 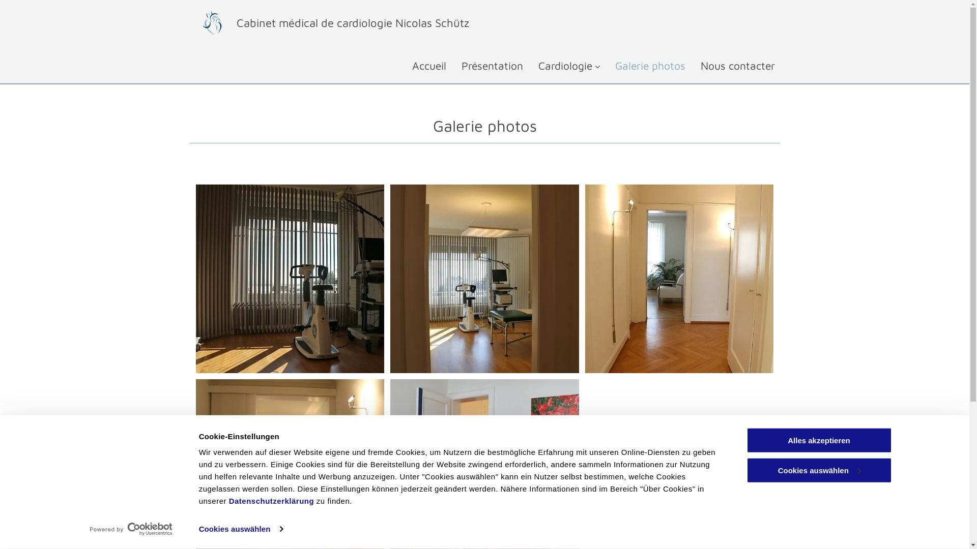 I want to click on 'Cardiologie', so click(x=561, y=65).